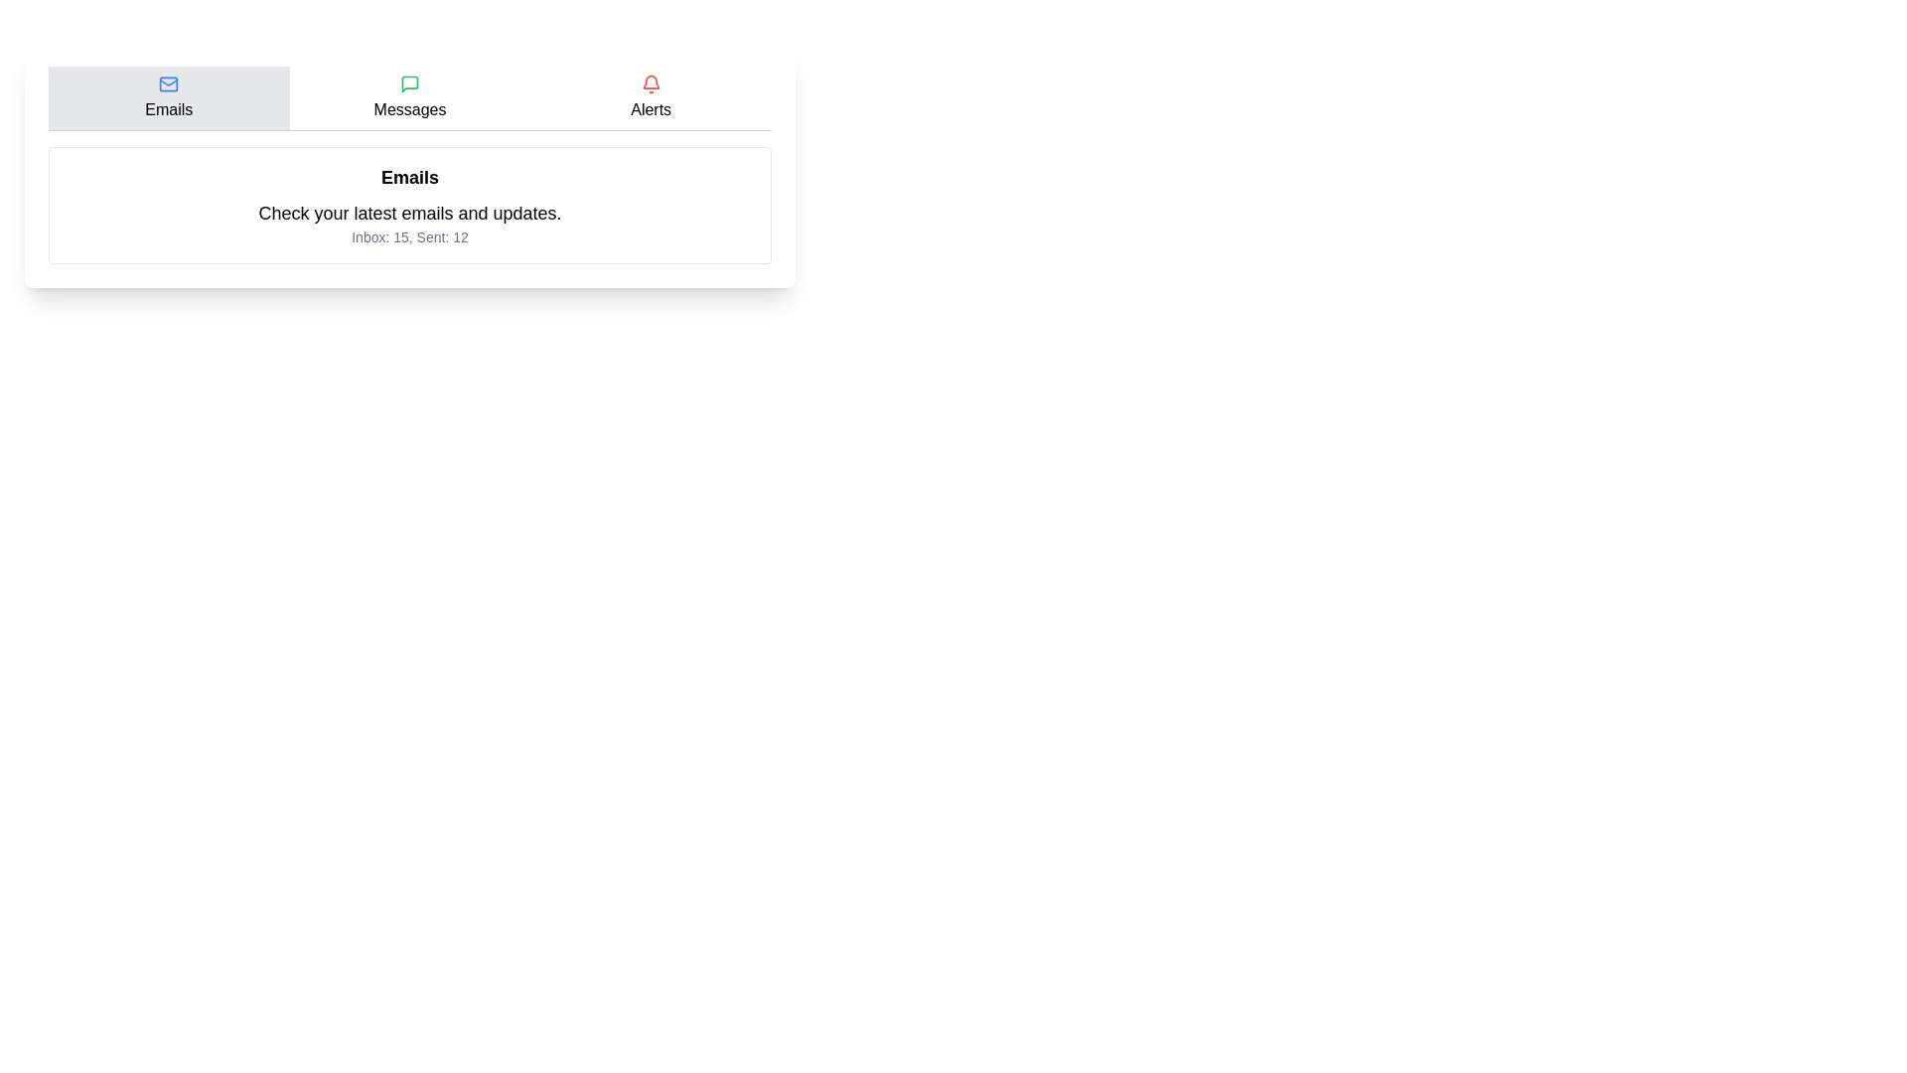 This screenshot has height=1073, width=1907. Describe the element at coordinates (408, 98) in the screenshot. I see `the Messages tab` at that location.